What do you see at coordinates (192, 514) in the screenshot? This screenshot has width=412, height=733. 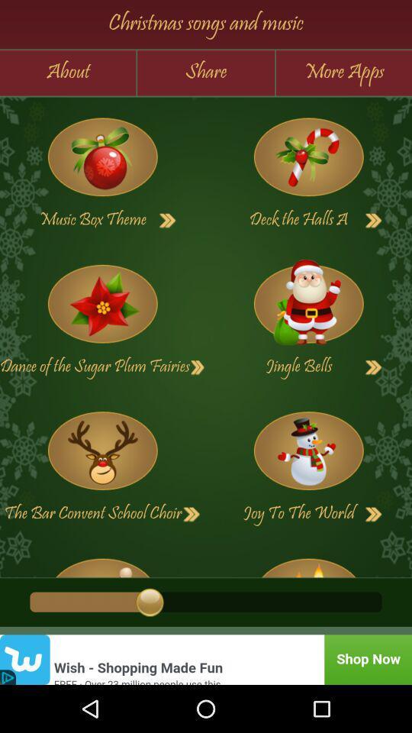 I see `the bar convent school choir` at bounding box center [192, 514].